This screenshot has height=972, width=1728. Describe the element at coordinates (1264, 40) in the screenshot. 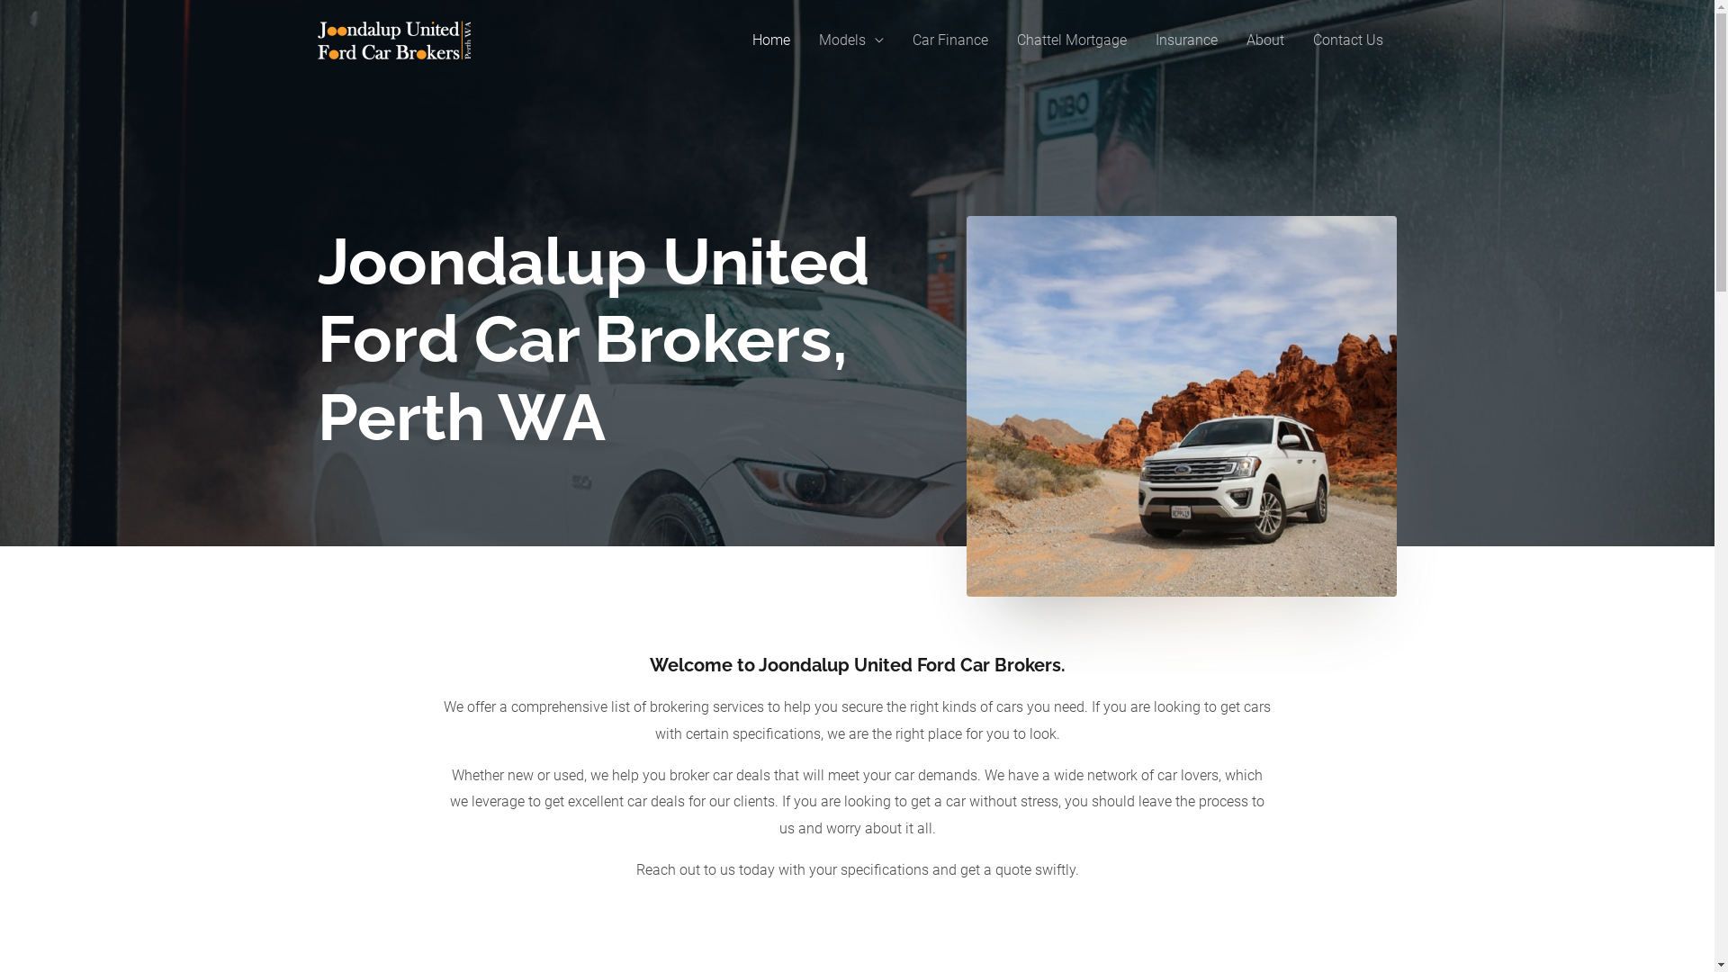

I see `'About'` at that location.